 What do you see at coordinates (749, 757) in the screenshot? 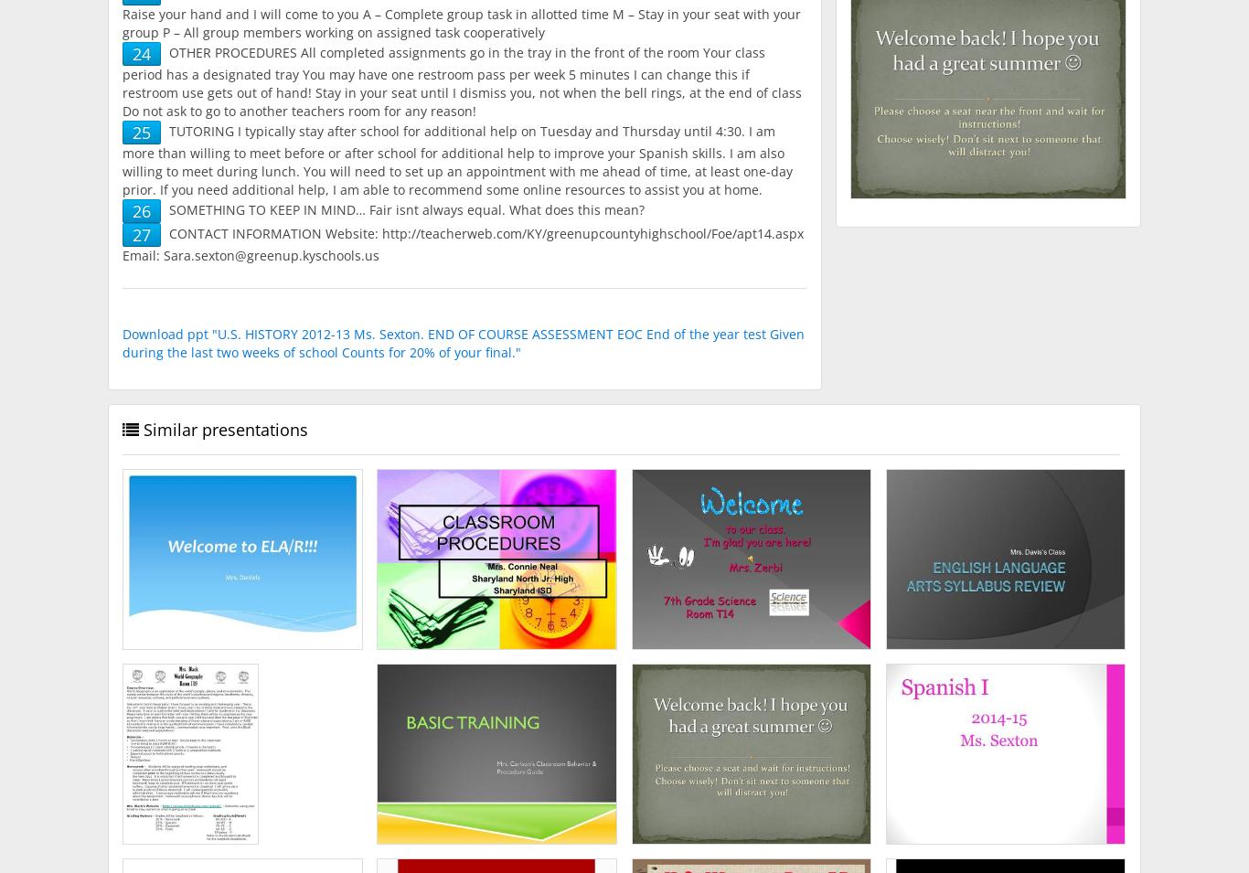
I see `'Please choose a seat and wait for instructions! Choose wisely! Don’t sit next to someone that will distract you!'` at bounding box center [749, 757].